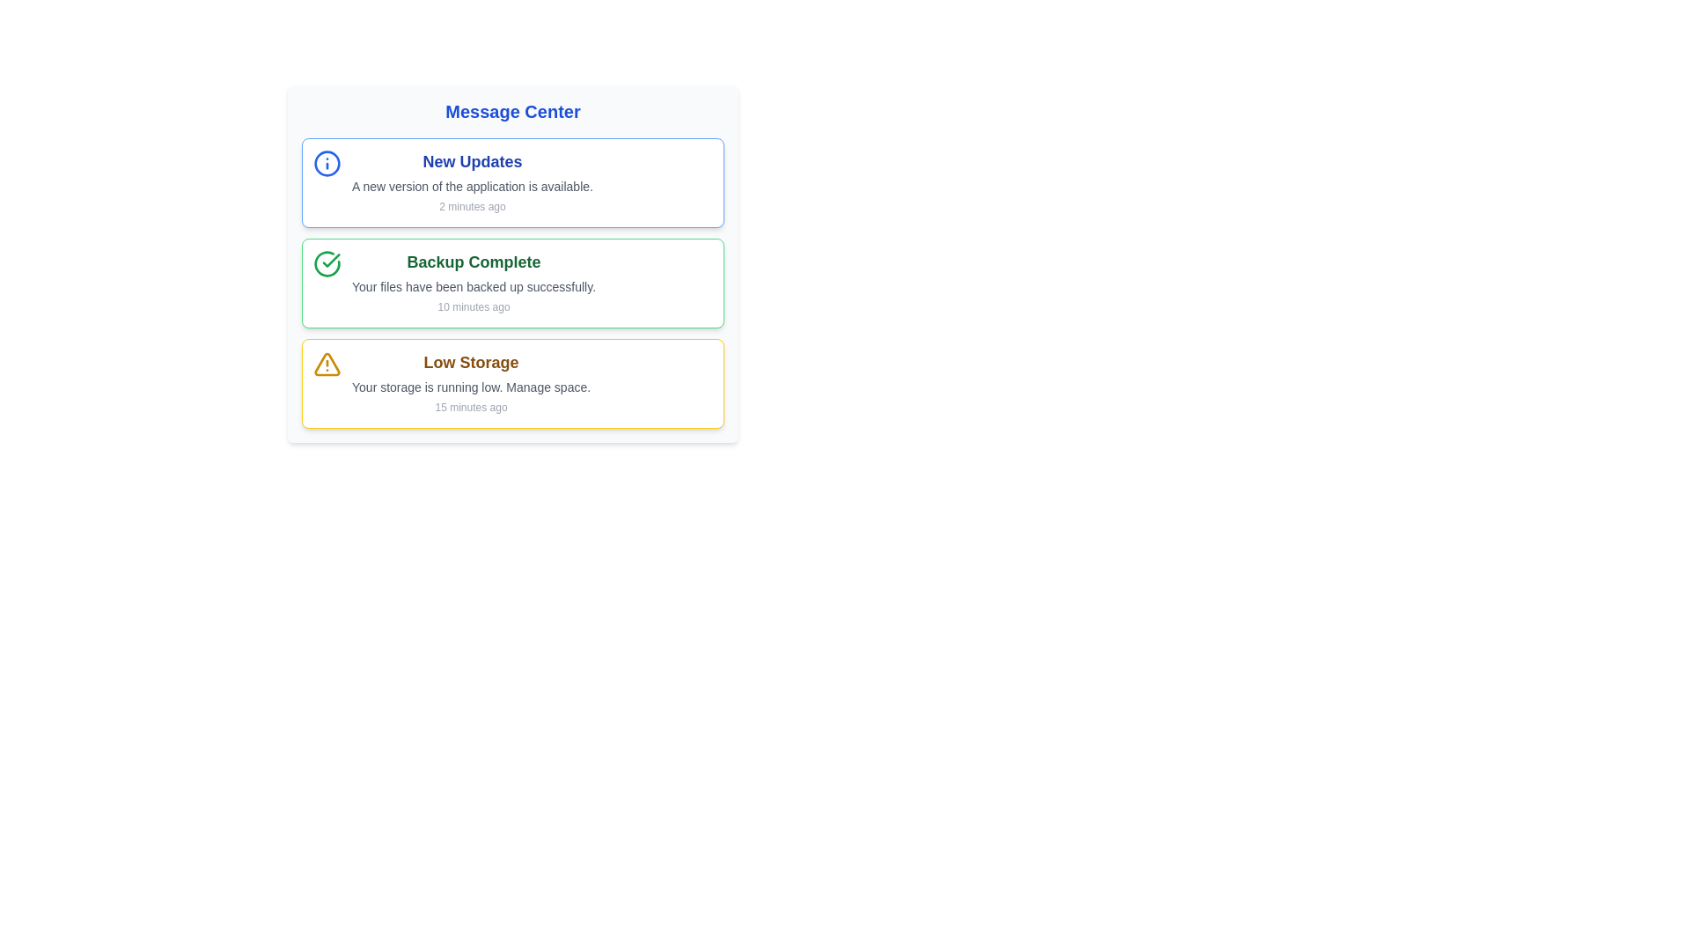 This screenshot has height=951, width=1690. Describe the element at coordinates (473, 187) in the screenshot. I see `the text message that reads 'A new version of the application is available.' located in the 'New Updates' section` at that location.